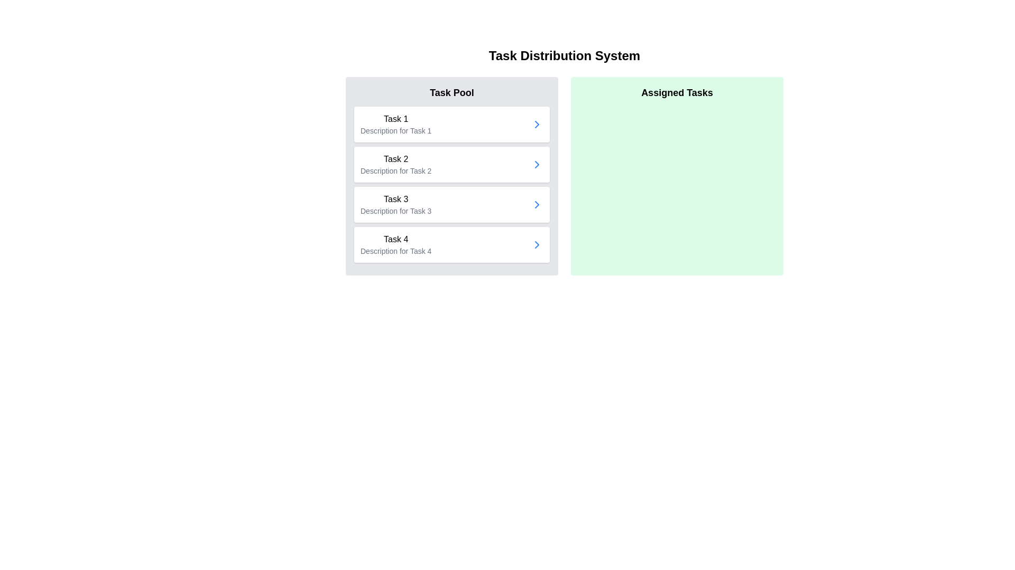 The height and width of the screenshot is (570, 1015). Describe the element at coordinates (451, 205) in the screenshot. I see `the third Task Card in the Task Pool` at that location.